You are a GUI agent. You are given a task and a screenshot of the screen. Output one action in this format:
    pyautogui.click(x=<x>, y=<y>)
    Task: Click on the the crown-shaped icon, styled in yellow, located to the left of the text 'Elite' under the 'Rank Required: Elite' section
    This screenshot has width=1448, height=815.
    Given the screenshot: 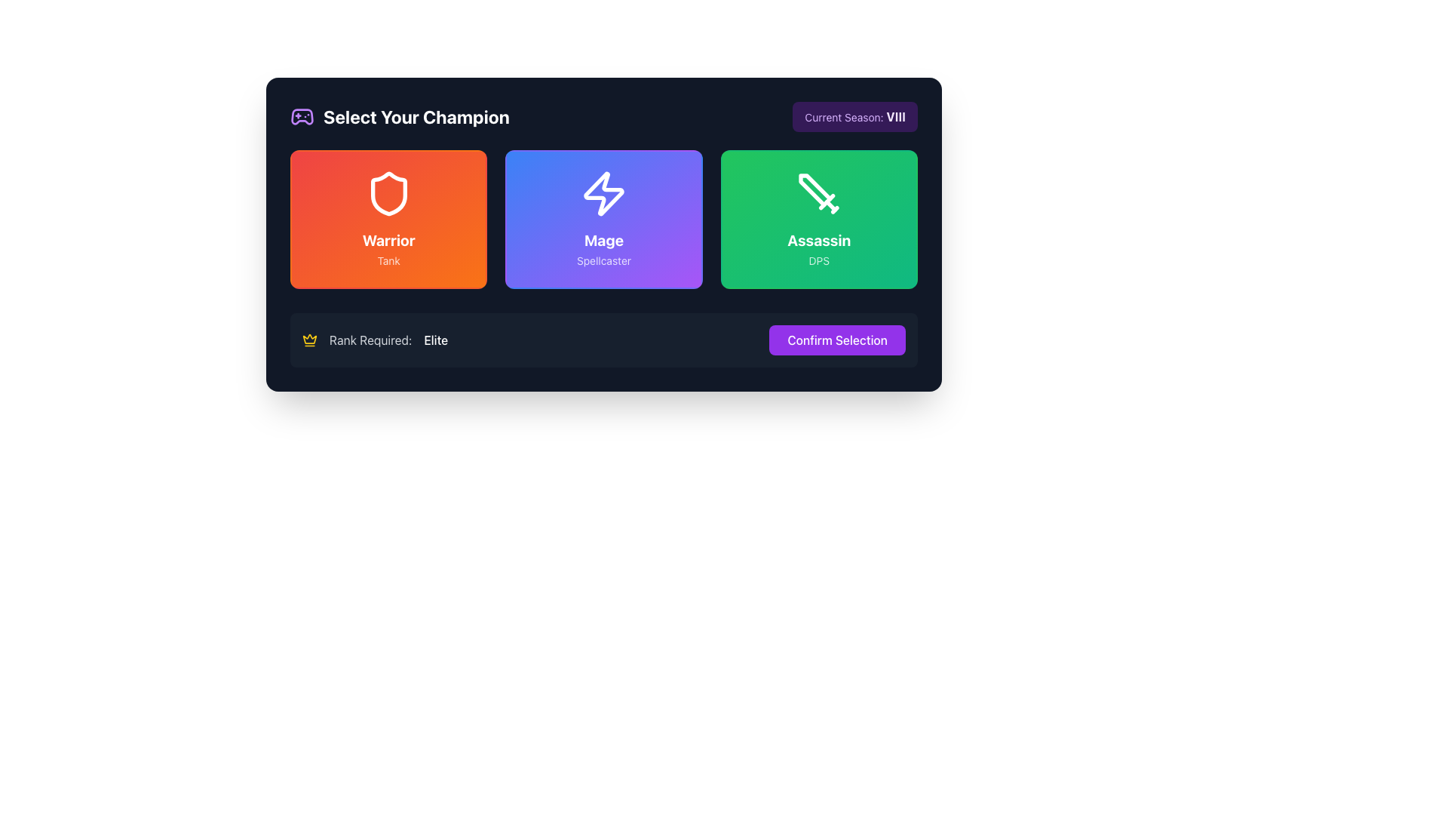 What is the action you would take?
    pyautogui.click(x=309, y=338)
    